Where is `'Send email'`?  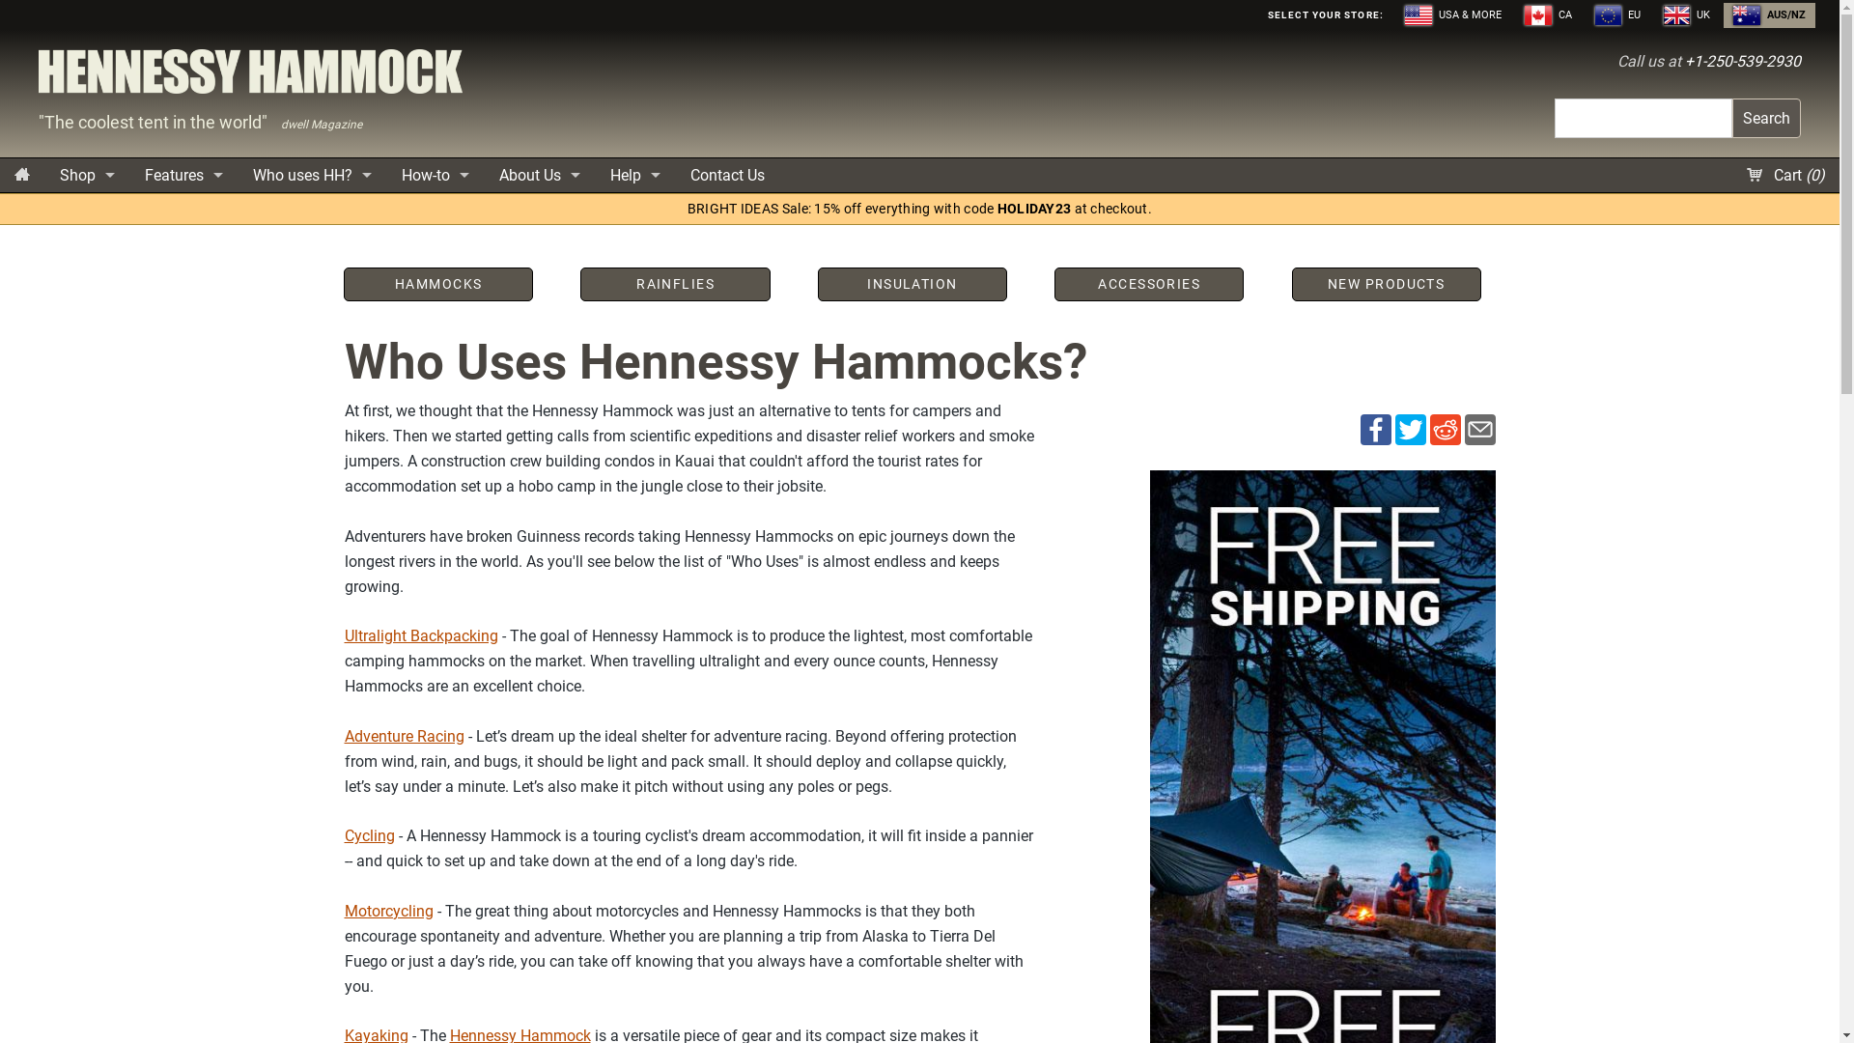
'Send email' is located at coordinates (1477, 428).